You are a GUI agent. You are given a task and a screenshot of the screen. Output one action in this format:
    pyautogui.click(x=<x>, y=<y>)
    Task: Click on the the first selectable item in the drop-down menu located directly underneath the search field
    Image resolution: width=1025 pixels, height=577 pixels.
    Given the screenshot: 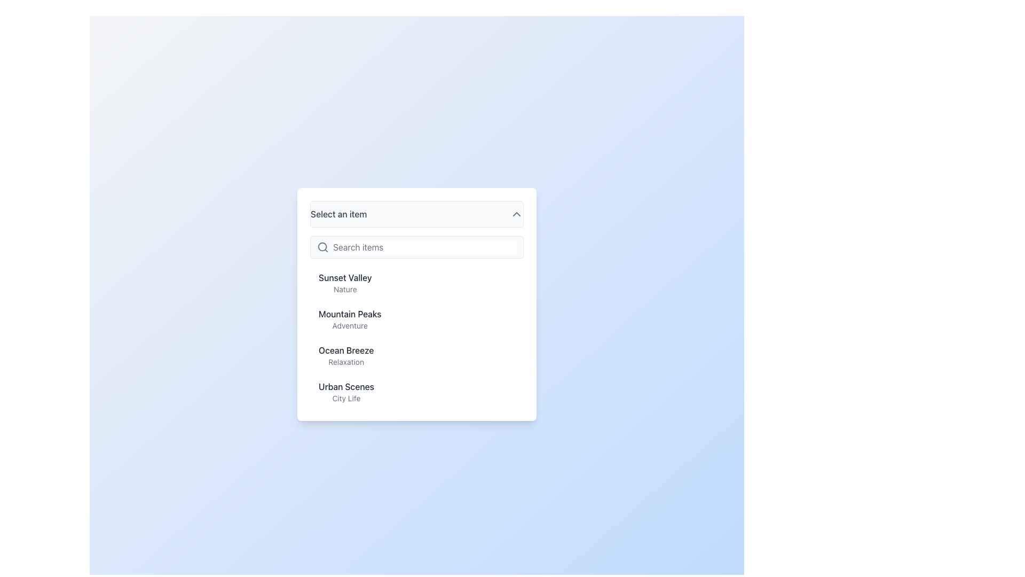 What is the action you would take?
    pyautogui.click(x=416, y=282)
    